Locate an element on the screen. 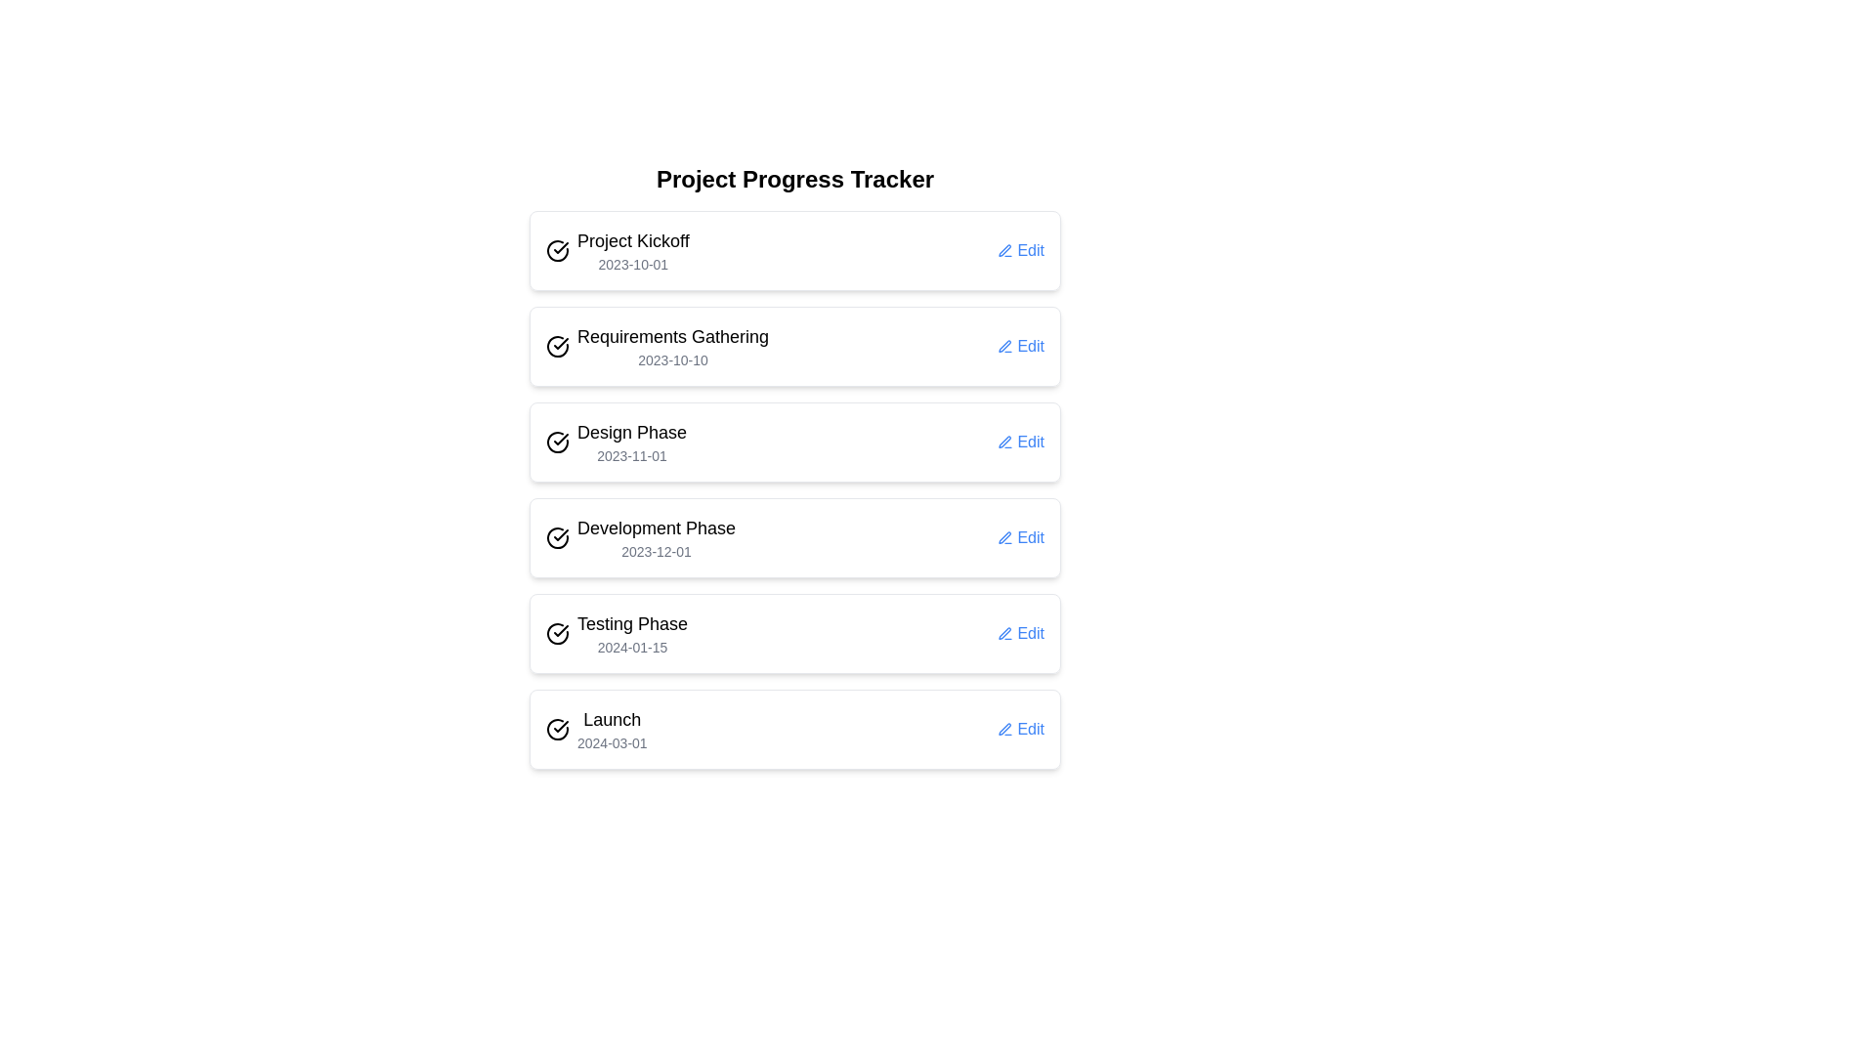  the 'Project Kickoff' text label, which is displayed in a large, bold font at the top of a vertical list, above the date '2023-10-01' is located at coordinates (633, 239).